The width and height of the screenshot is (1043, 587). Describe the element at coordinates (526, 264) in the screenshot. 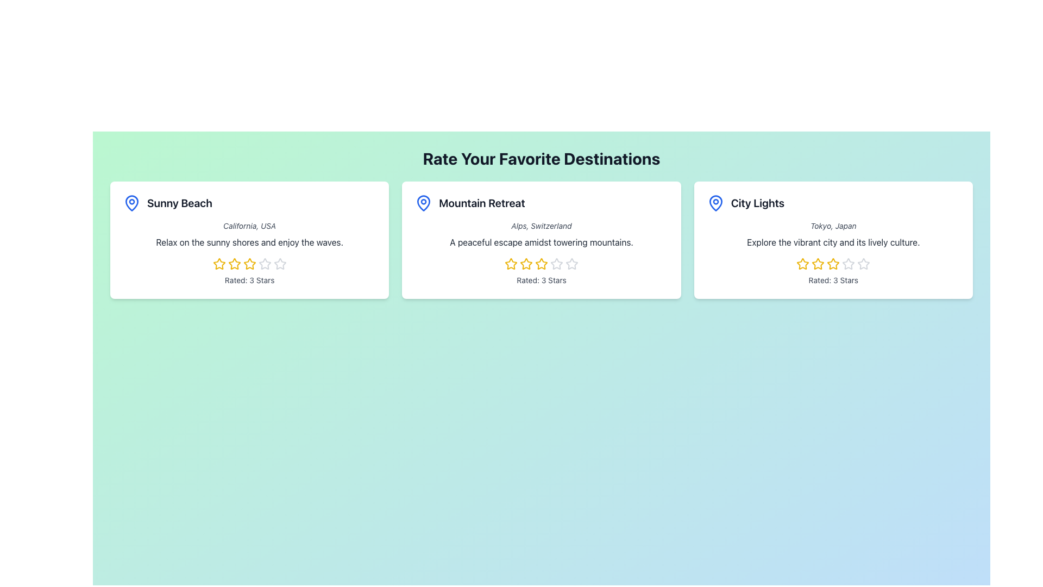

I see `the third star in the five-star rating component under the 'Mountain Retreat' section to rate the item as the third star` at that location.